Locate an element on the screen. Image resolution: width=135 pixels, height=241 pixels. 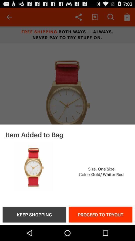
the item next to the proceed to tryout icon is located at coordinates (34, 214).